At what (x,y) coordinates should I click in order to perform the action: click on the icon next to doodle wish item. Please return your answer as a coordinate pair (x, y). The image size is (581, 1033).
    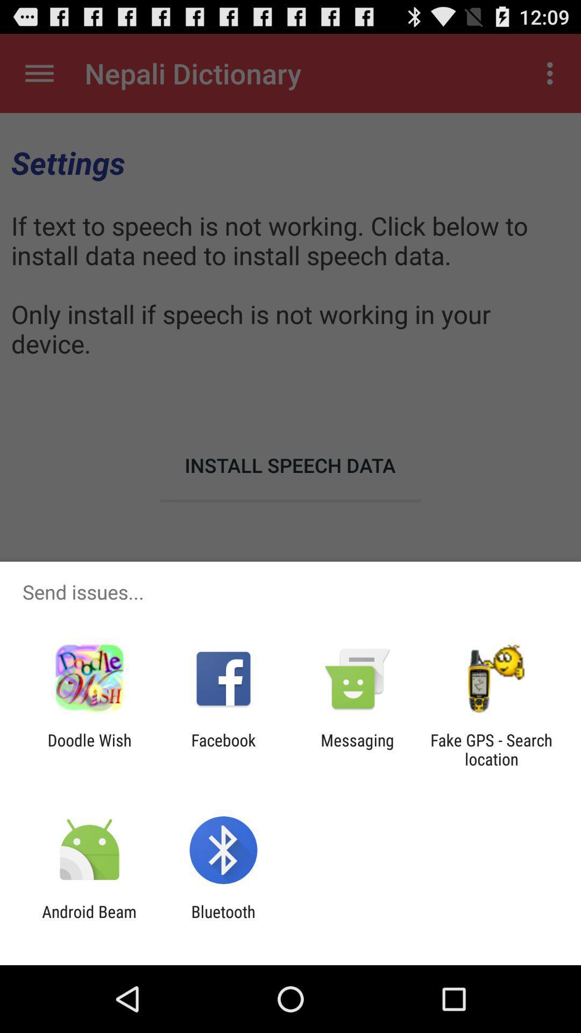
    Looking at the image, I should click on (223, 749).